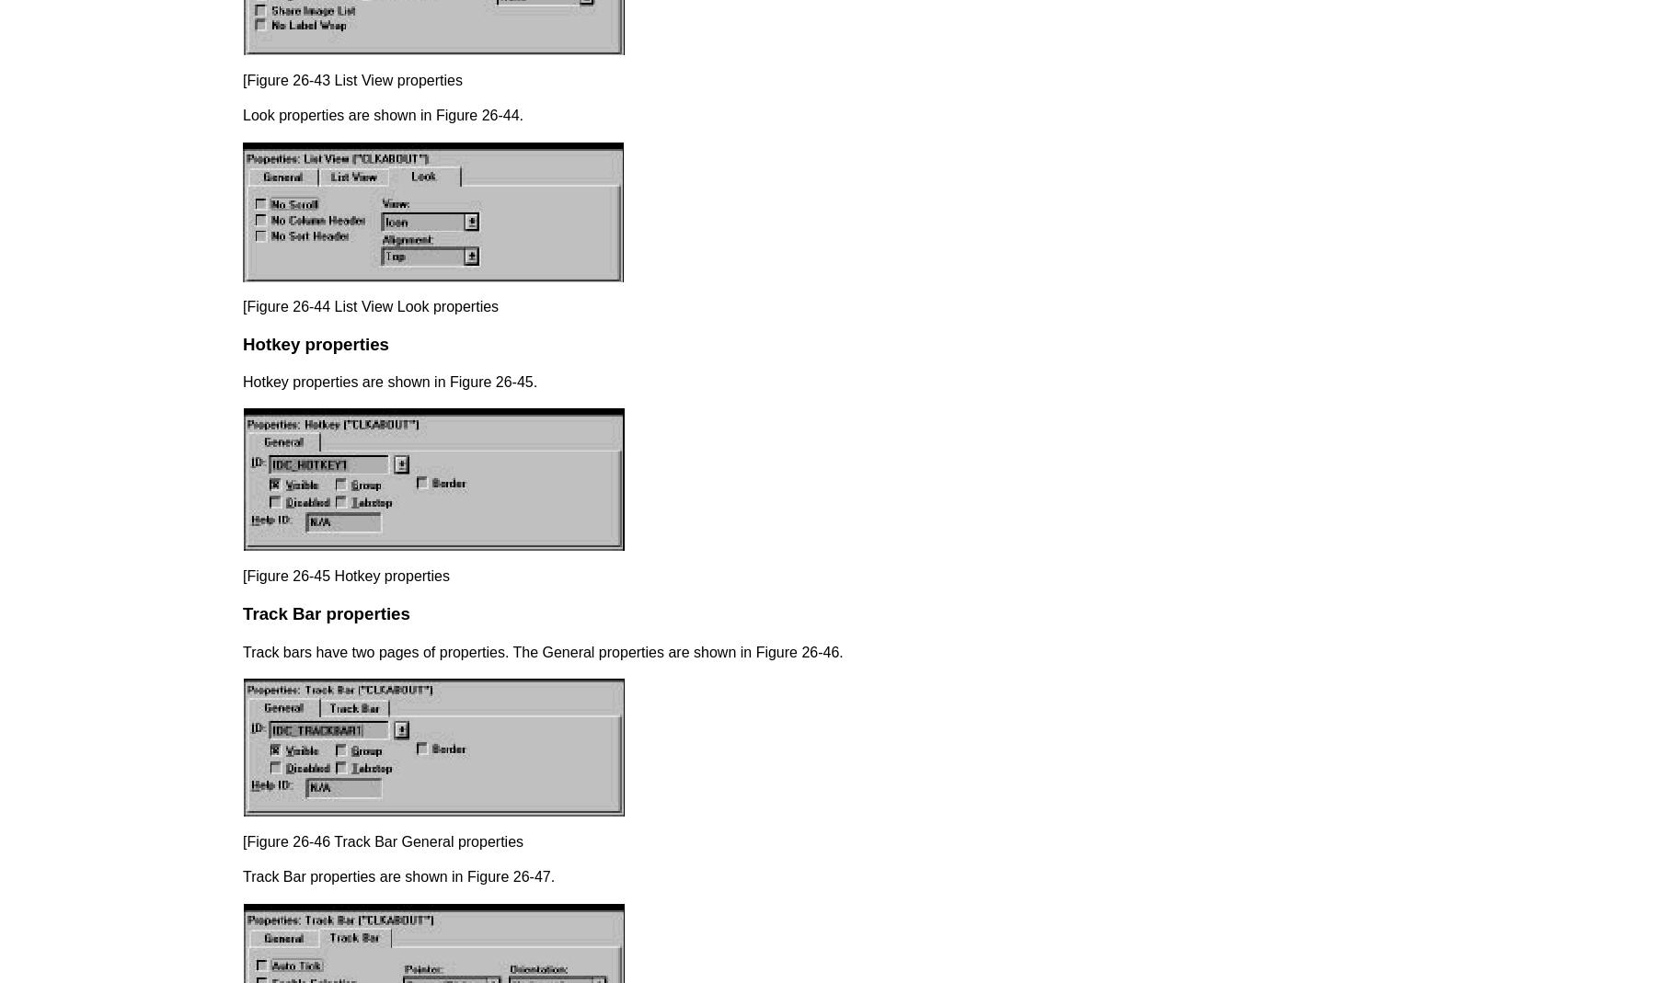 This screenshot has height=983, width=1656. I want to click on 'Track Bar properties', so click(242, 612).